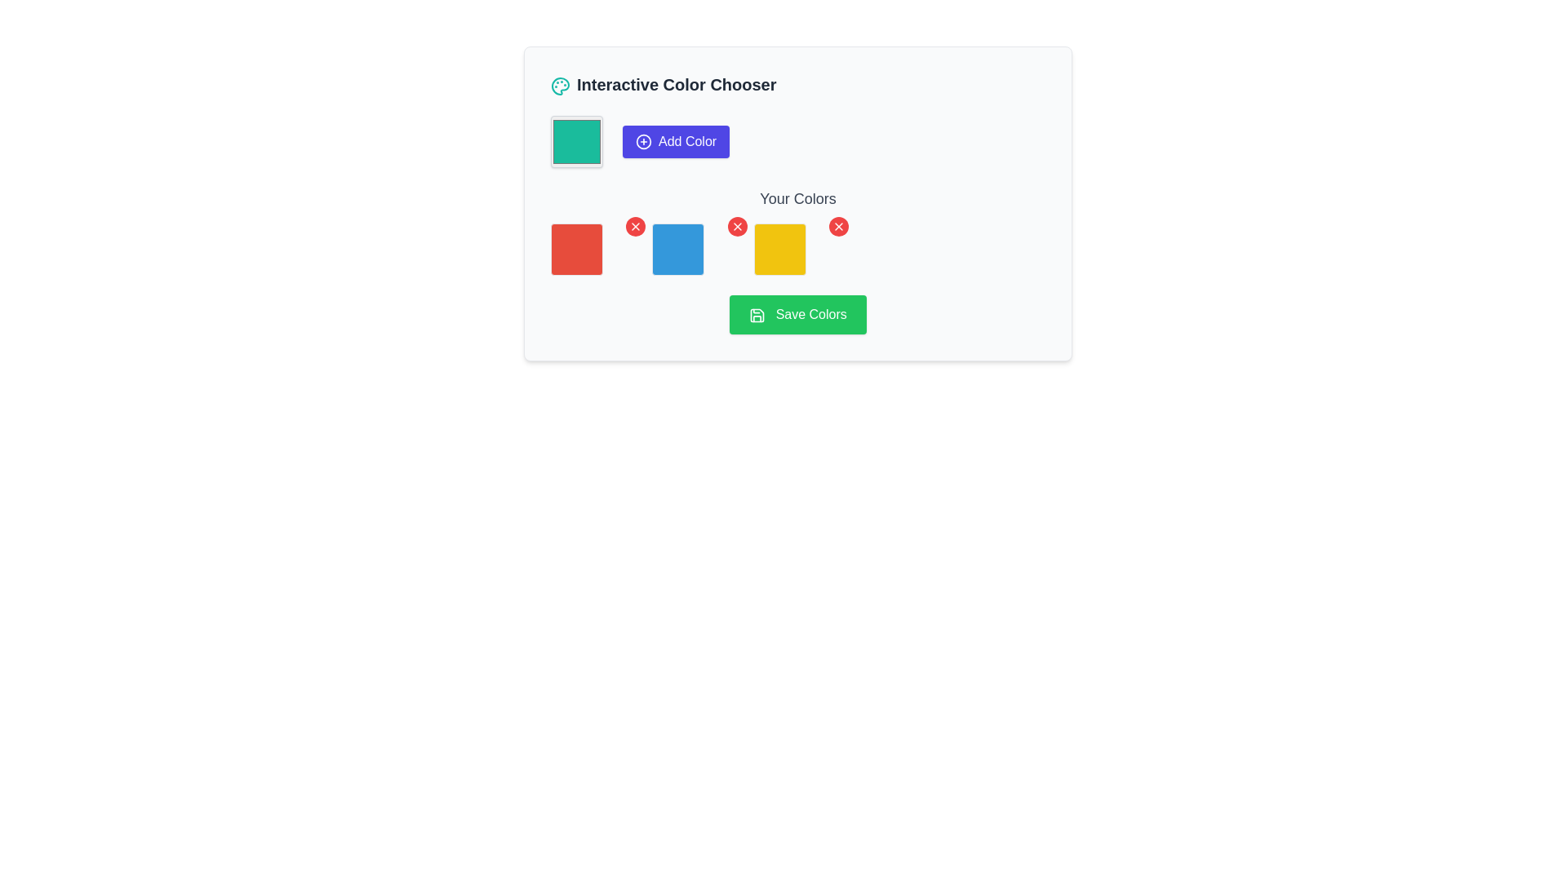 This screenshot has height=881, width=1567. Describe the element at coordinates (798, 197) in the screenshot. I see `the text label that serves as a section title for the content related to colors associated with the user, positioned below the 'Add Color' button` at that location.